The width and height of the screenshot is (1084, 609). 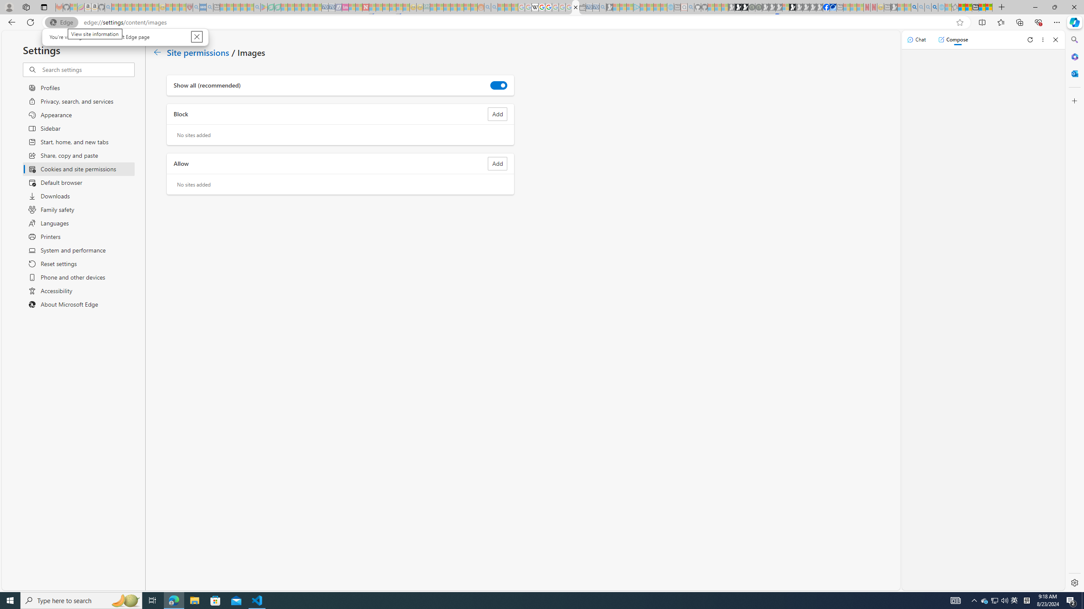 What do you see at coordinates (995, 600) in the screenshot?
I see `'User Promoted Notification Area'` at bounding box center [995, 600].